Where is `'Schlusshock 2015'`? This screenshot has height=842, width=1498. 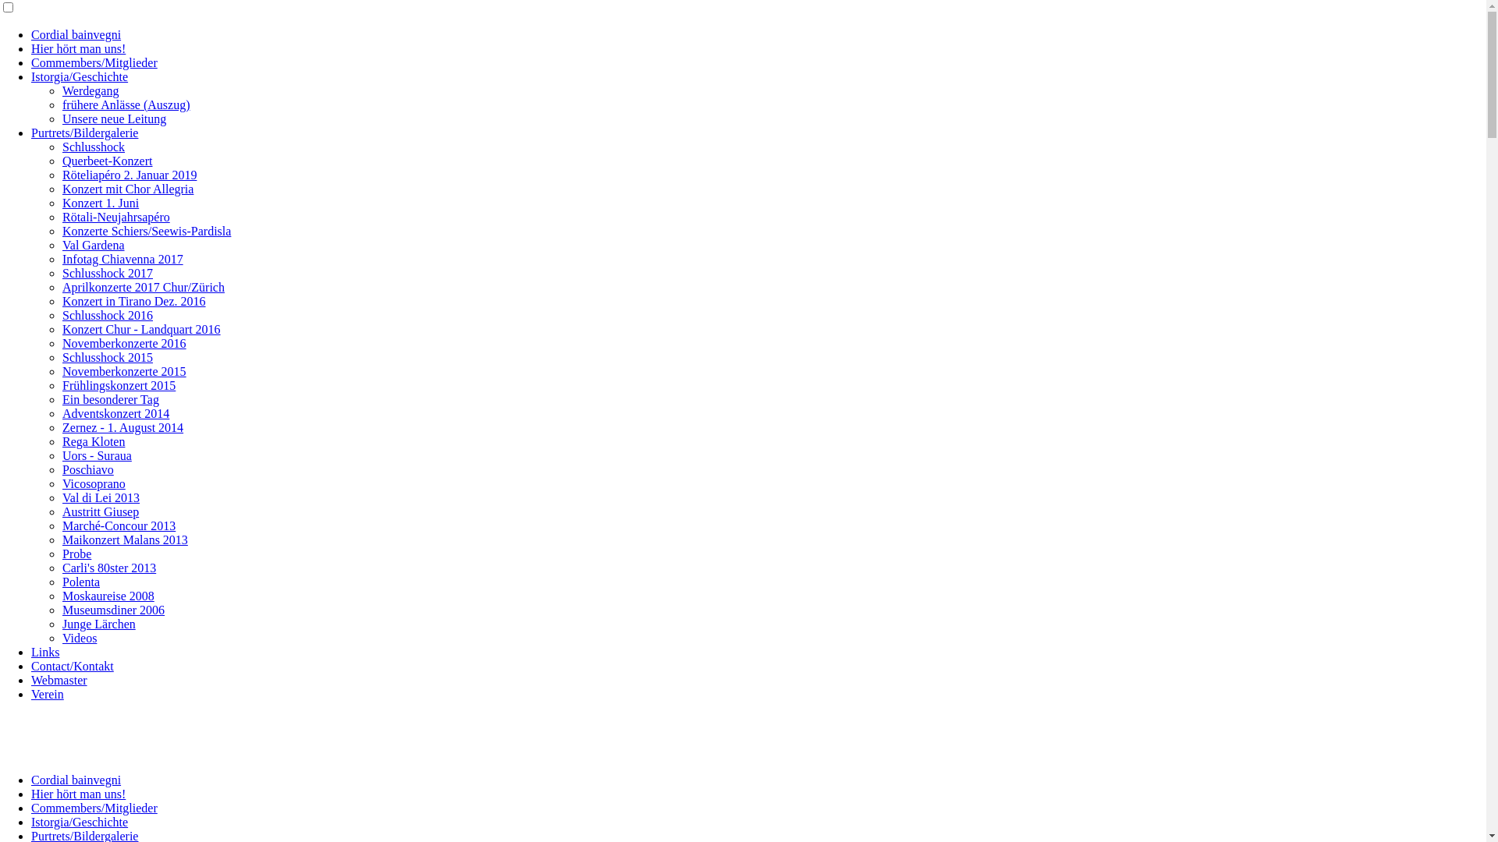
'Schlusshock 2015' is located at coordinates (107, 357).